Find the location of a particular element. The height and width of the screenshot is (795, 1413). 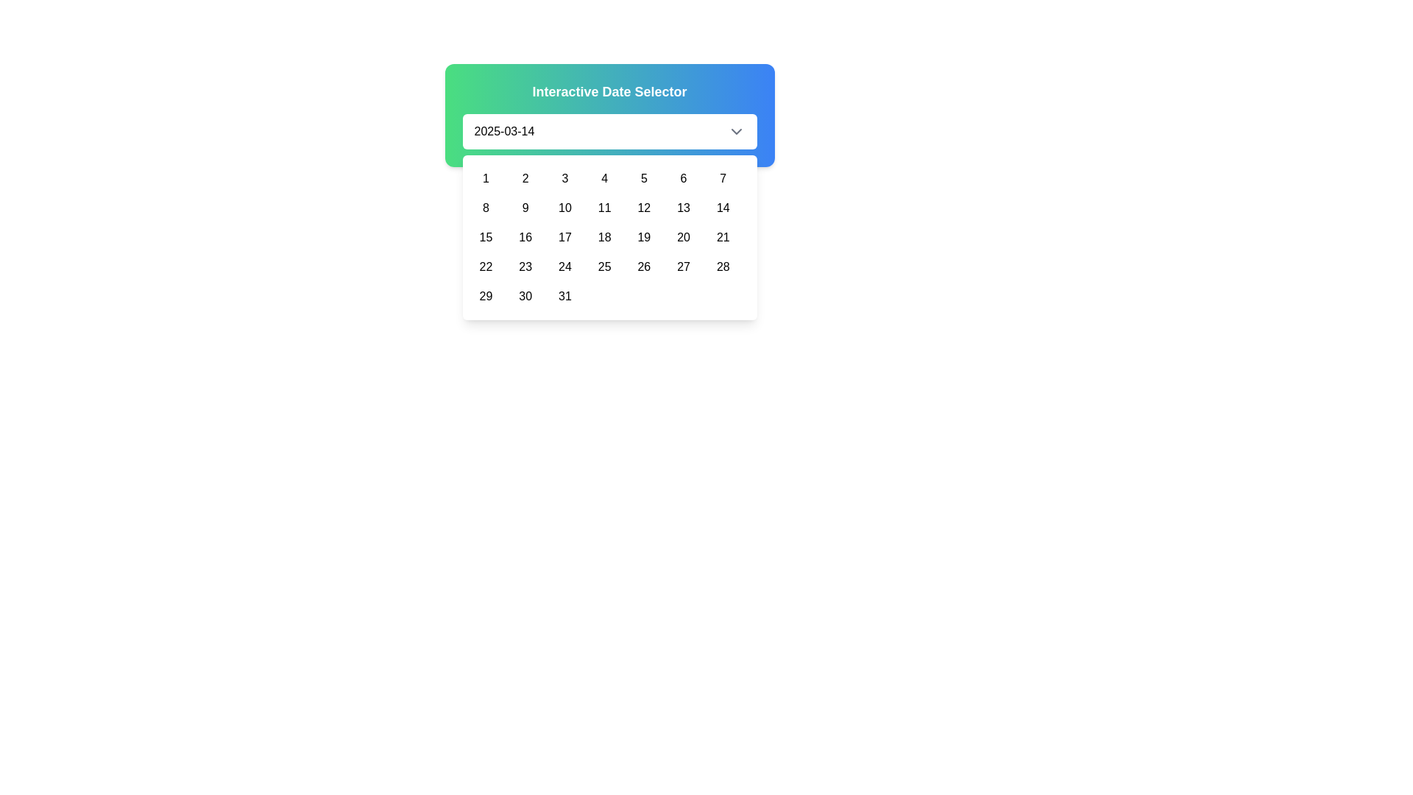

the button representing the 21st day of the month in the calendar interface is located at coordinates (723, 237).